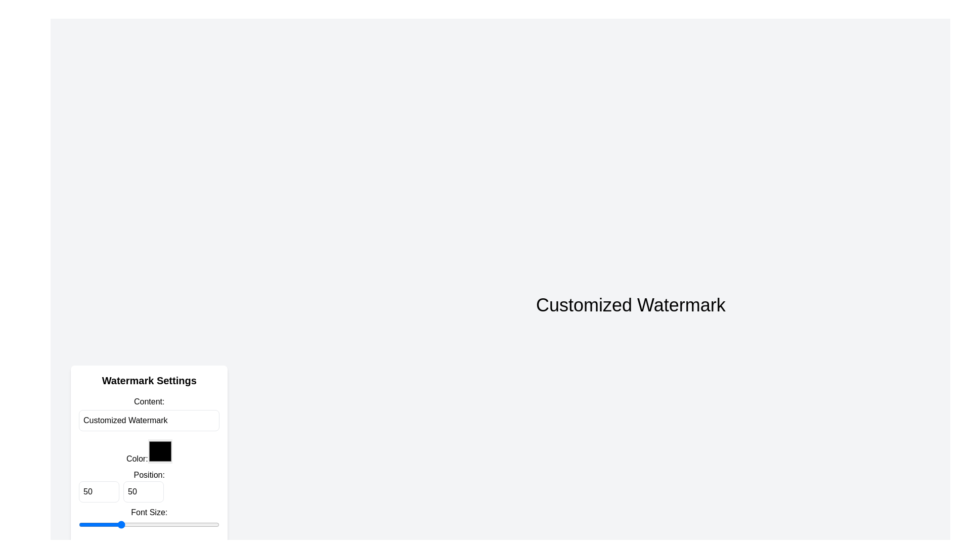 This screenshot has width=971, height=546. I want to click on the font size, so click(208, 524).